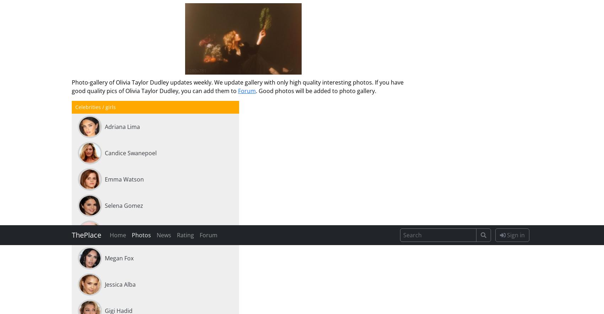  What do you see at coordinates (119, 86) in the screenshot?
I see `'Kate Upton'` at bounding box center [119, 86].